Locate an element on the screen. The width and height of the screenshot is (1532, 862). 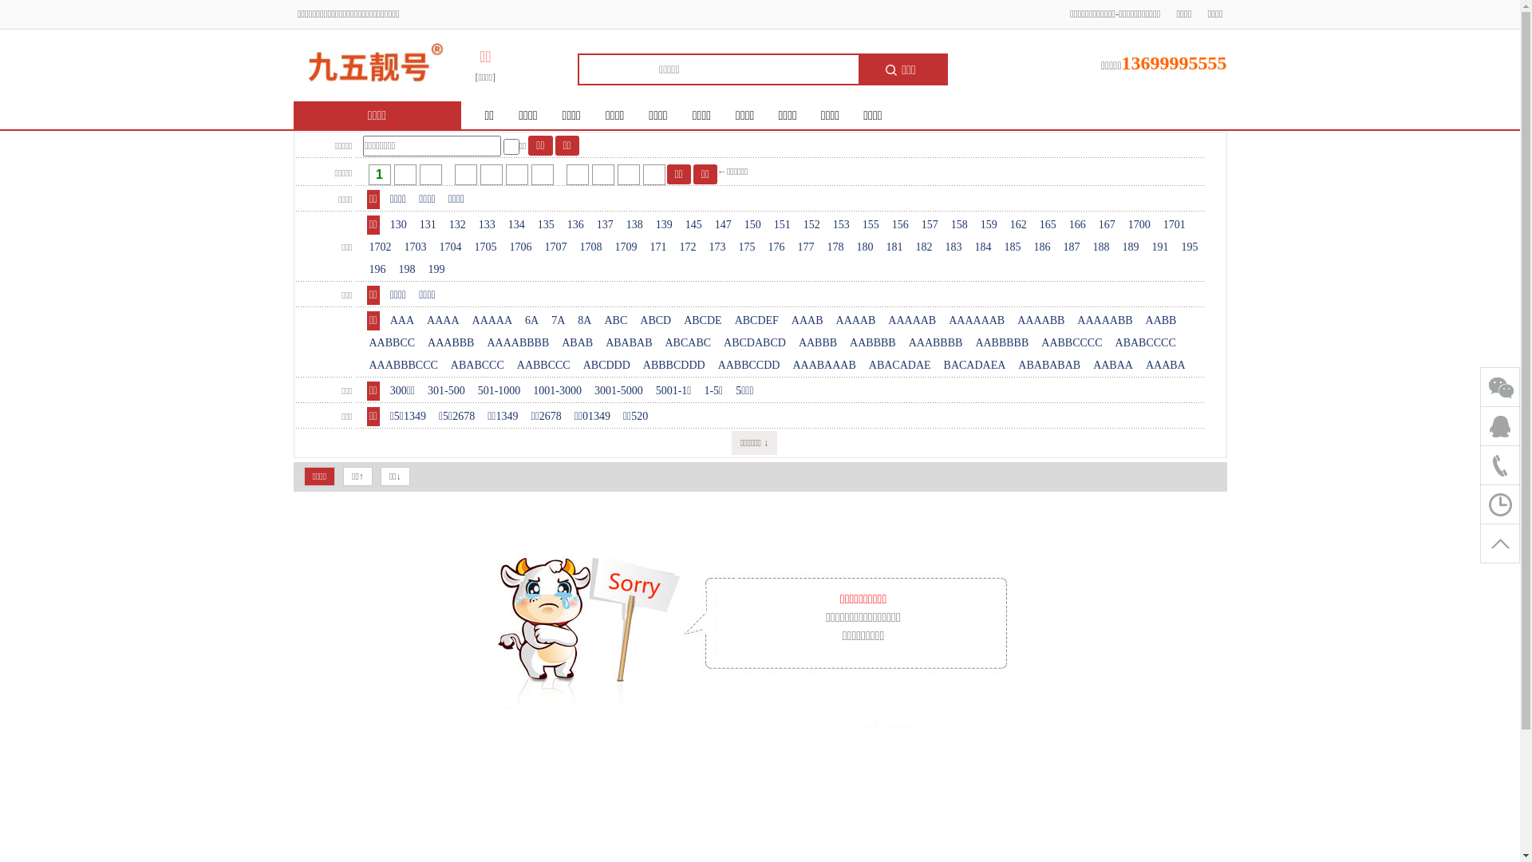
'178' is located at coordinates (835, 247).